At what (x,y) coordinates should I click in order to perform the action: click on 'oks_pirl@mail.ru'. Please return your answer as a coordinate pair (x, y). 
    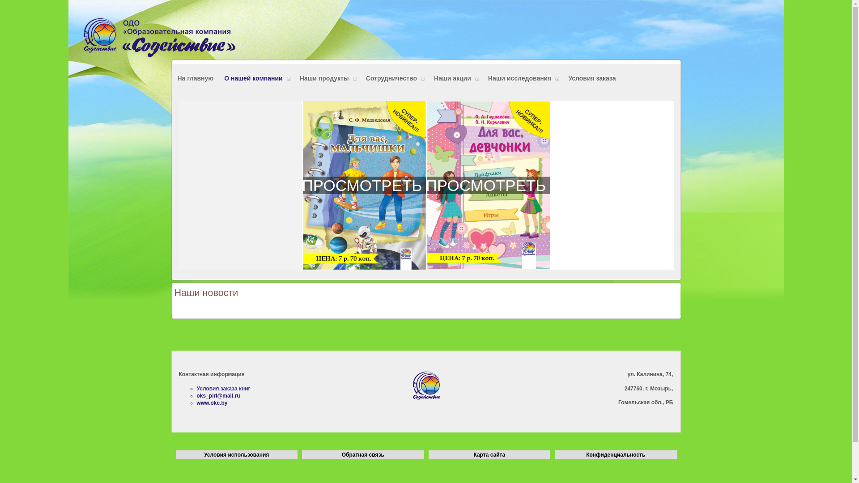
    Looking at the image, I should click on (196, 395).